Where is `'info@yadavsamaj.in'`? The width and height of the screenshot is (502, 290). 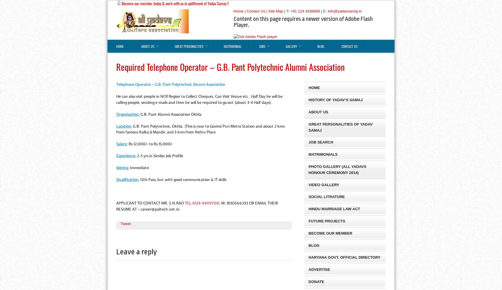
'info@yadavsamaj.in' is located at coordinates (344, 11).